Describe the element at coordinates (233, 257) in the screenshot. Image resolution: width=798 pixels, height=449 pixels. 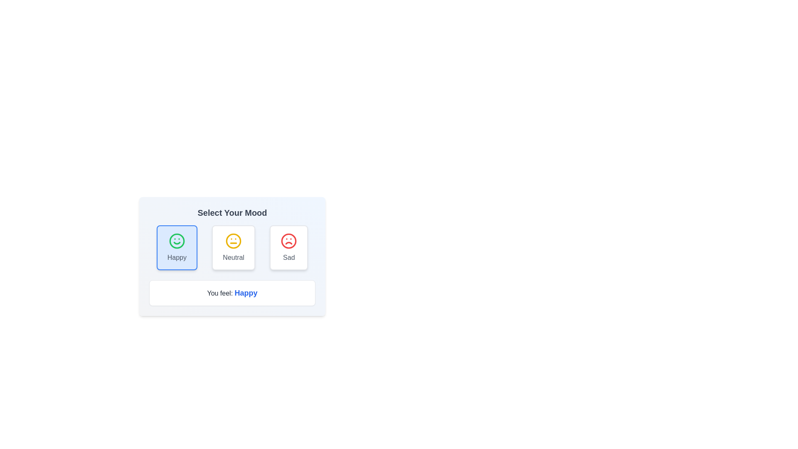
I see `text label for the mood option 'Neutral' located at the bottom of the middle card of a three-card set` at that location.